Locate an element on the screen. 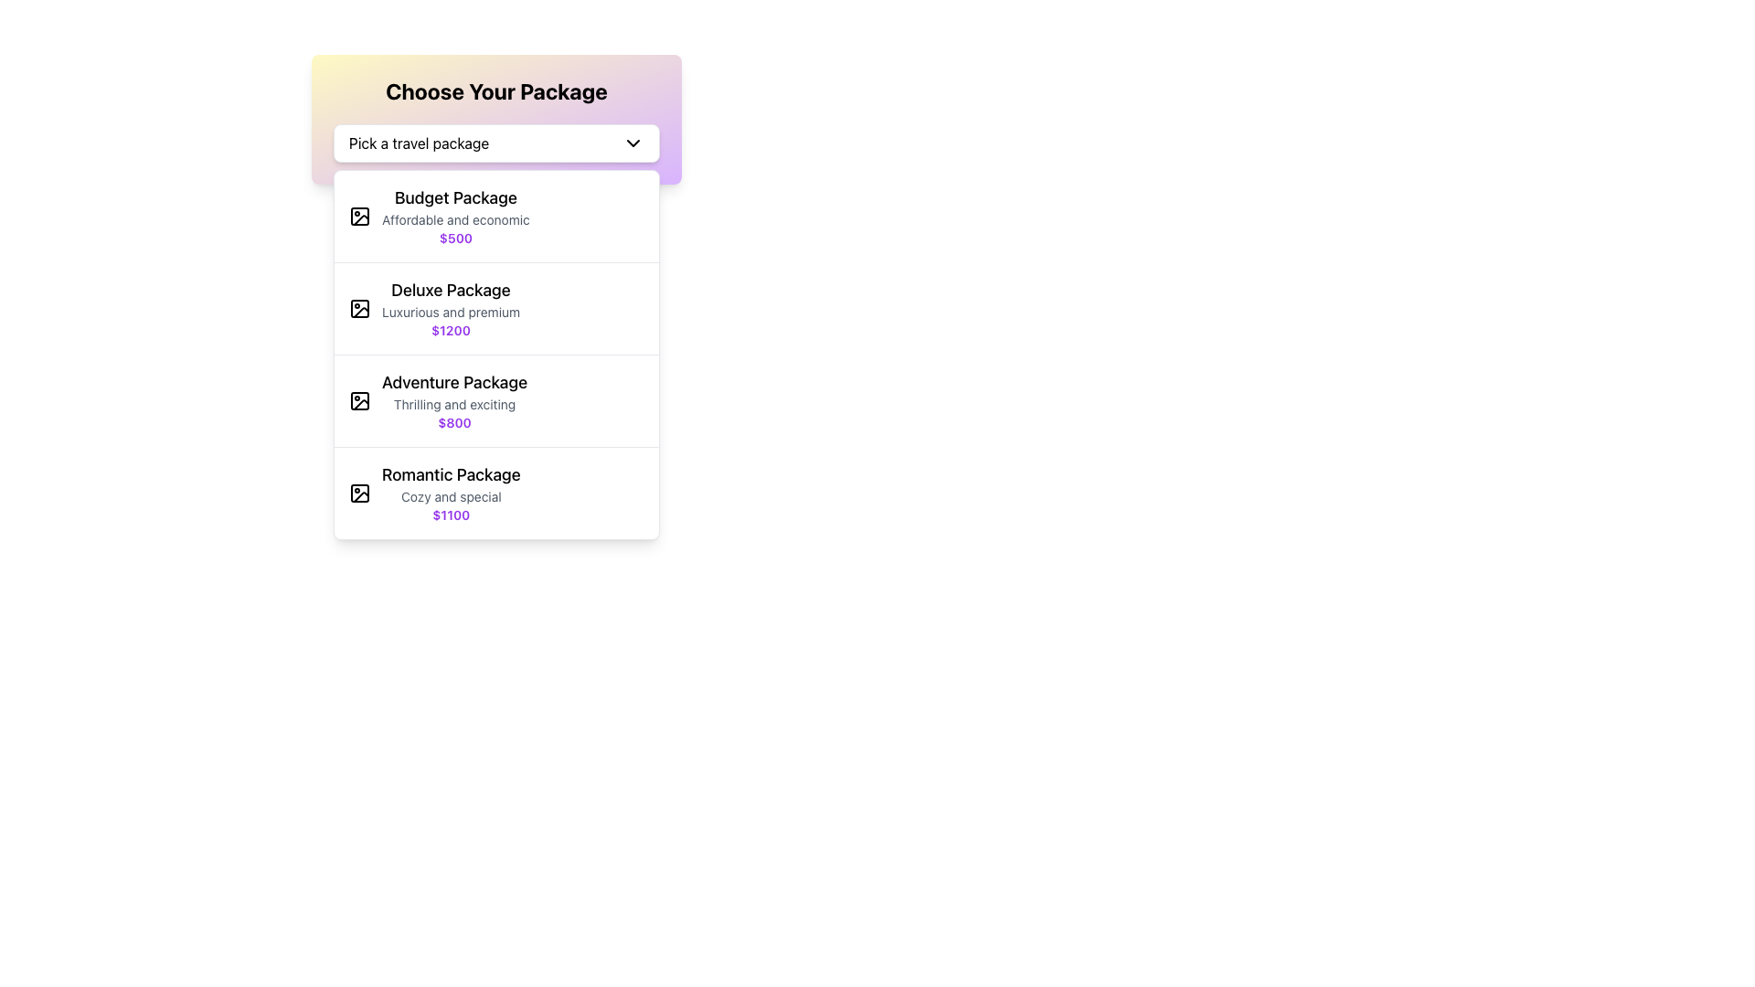 This screenshot has height=987, width=1755. the text label reading 'Cozy and special' located below the 'Romantic Package' title in the list of travel packages is located at coordinates (451, 496).